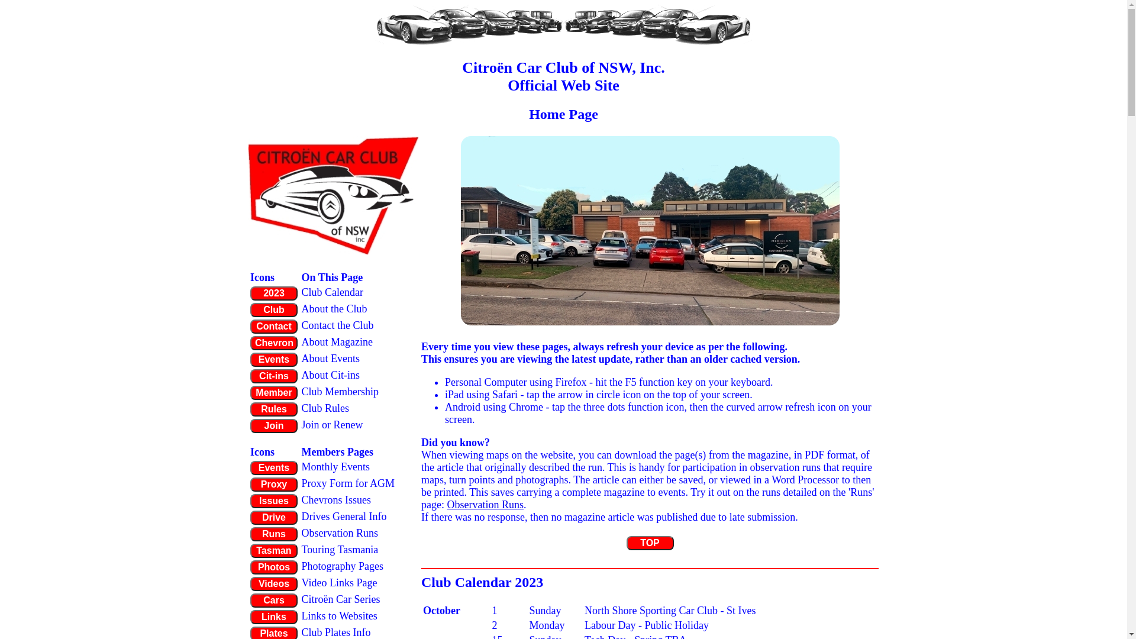 Image resolution: width=1136 pixels, height=639 pixels. Describe the element at coordinates (273, 517) in the screenshot. I see `'Drive'` at that location.